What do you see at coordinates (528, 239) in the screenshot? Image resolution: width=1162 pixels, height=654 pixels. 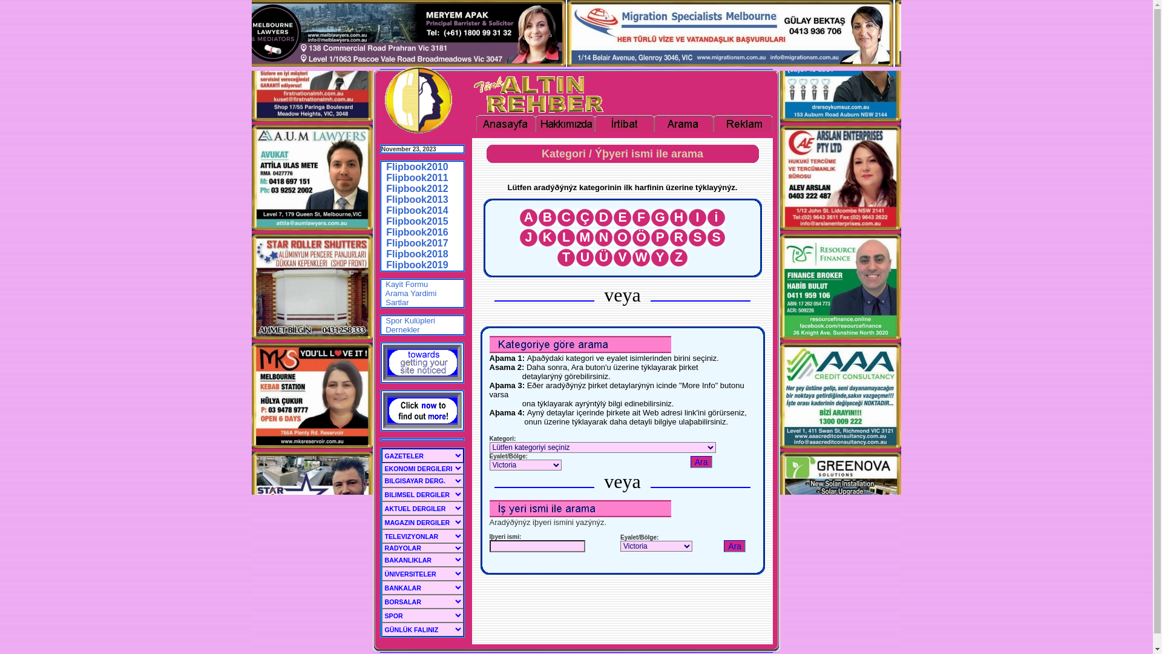 I see `'J'` at bounding box center [528, 239].